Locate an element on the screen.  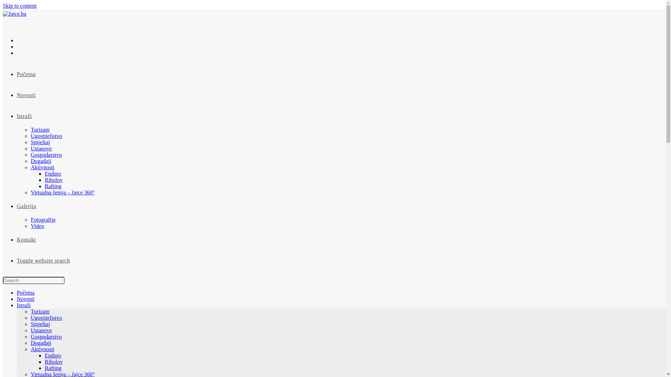
'Rafting' is located at coordinates (53, 186).